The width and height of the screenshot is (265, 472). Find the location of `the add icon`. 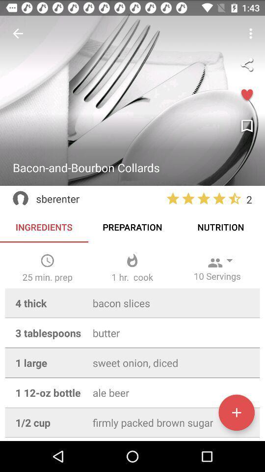

the add icon is located at coordinates (236, 413).